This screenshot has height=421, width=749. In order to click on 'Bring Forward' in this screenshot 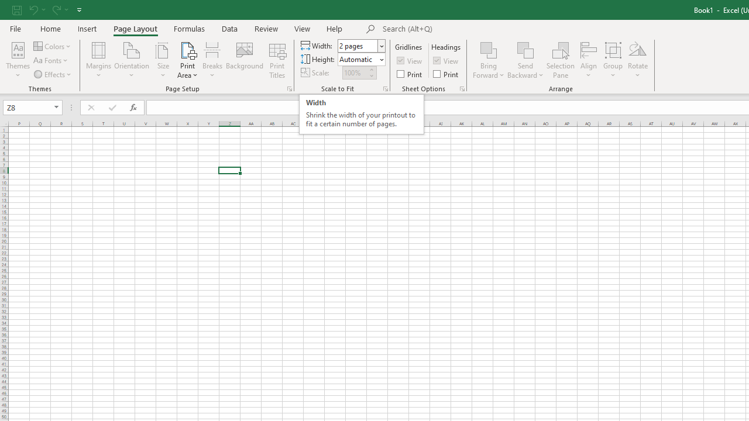, I will do `click(489, 60)`.